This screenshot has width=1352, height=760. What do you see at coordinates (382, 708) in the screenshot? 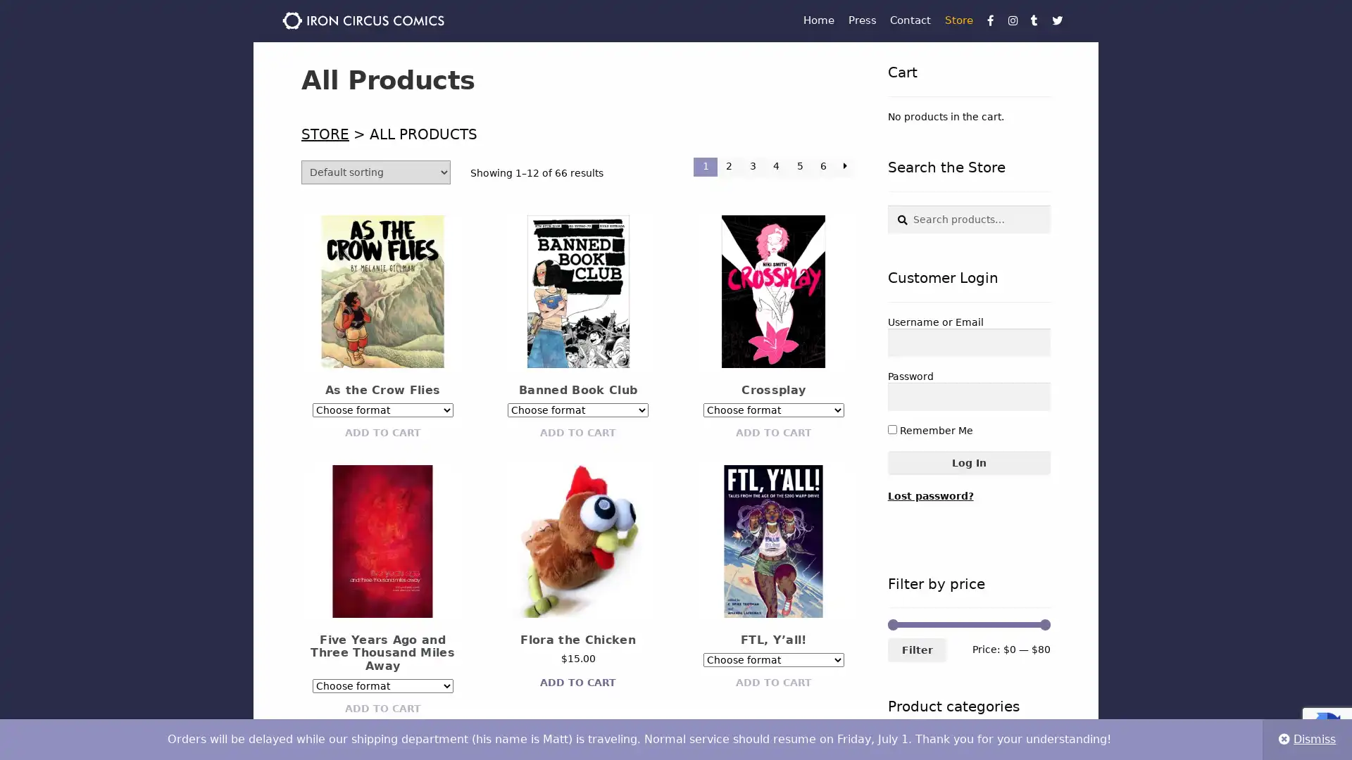
I see `ADD TO CART` at bounding box center [382, 708].